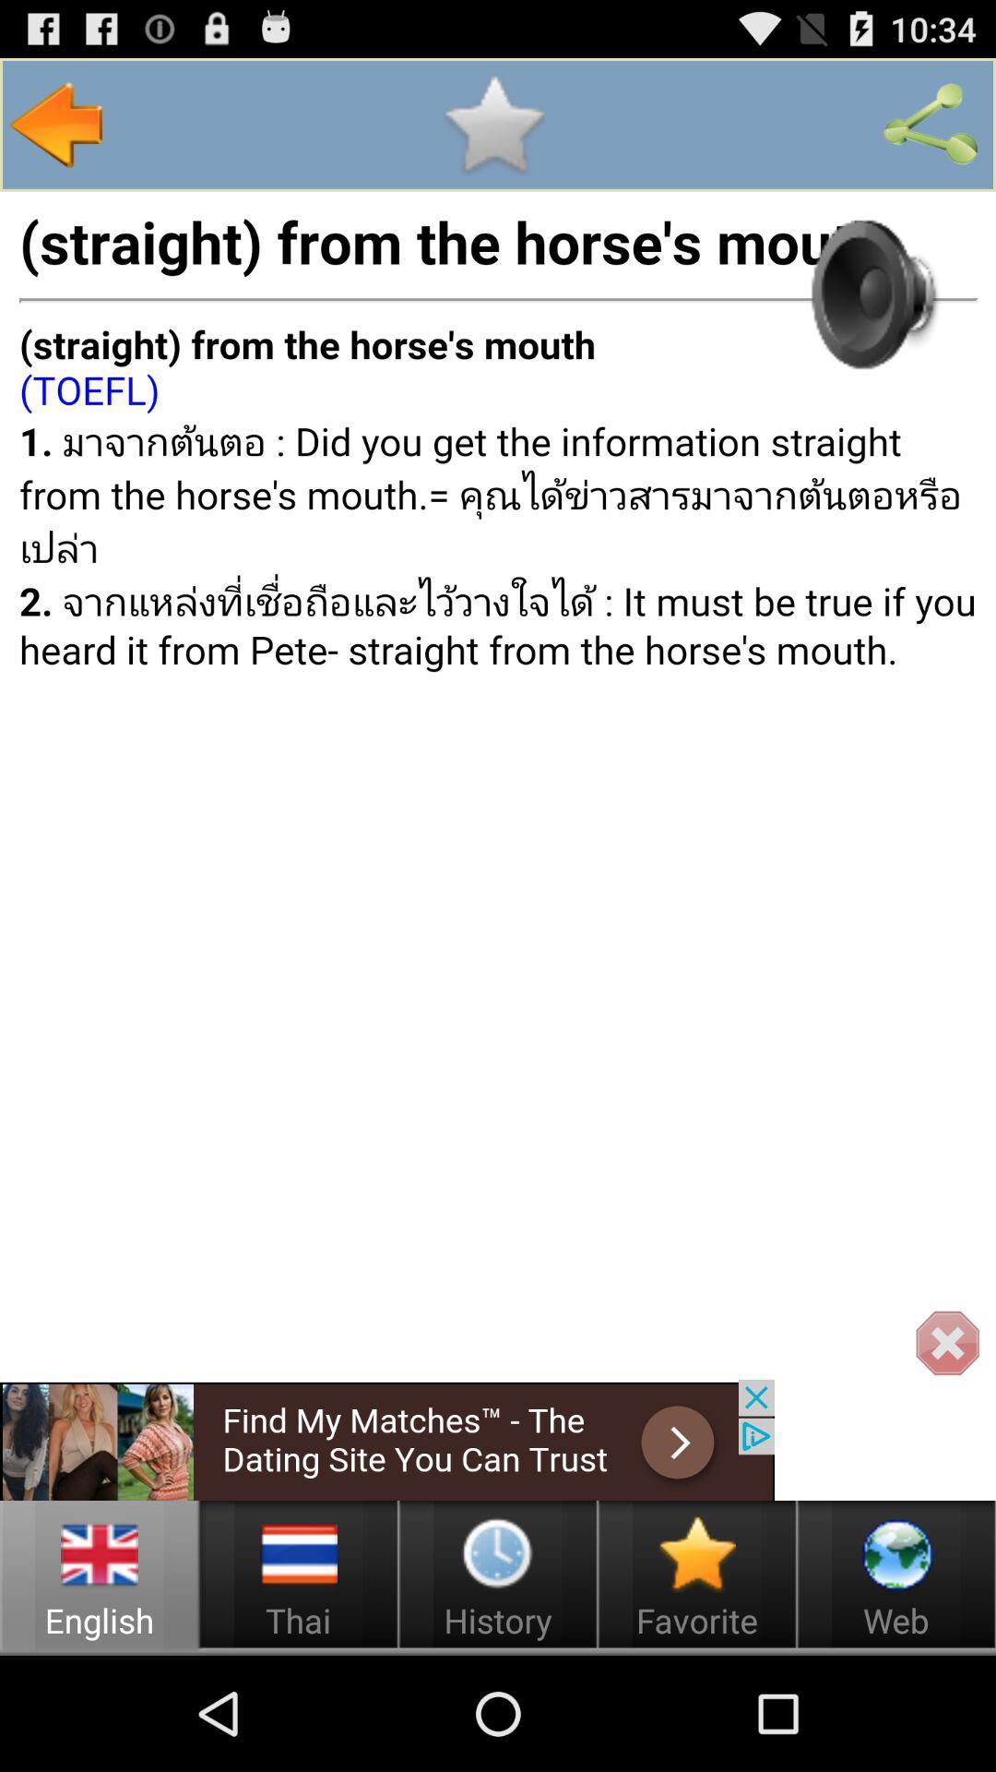 This screenshot has width=996, height=1772. What do you see at coordinates (931, 124) in the screenshot?
I see `share` at bounding box center [931, 124].